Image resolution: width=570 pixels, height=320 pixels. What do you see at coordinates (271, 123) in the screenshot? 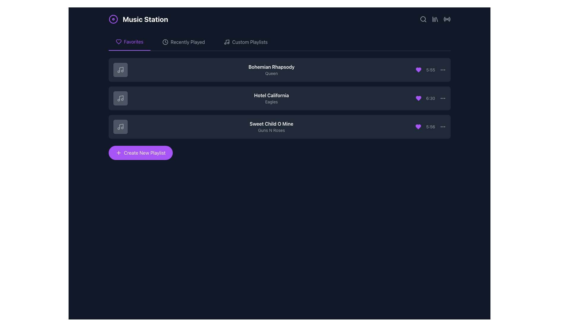
I see `the song title text element that displays the title of the song in the music station interface, located under the heading 'Favorites'` at bounding box center [271, 123].